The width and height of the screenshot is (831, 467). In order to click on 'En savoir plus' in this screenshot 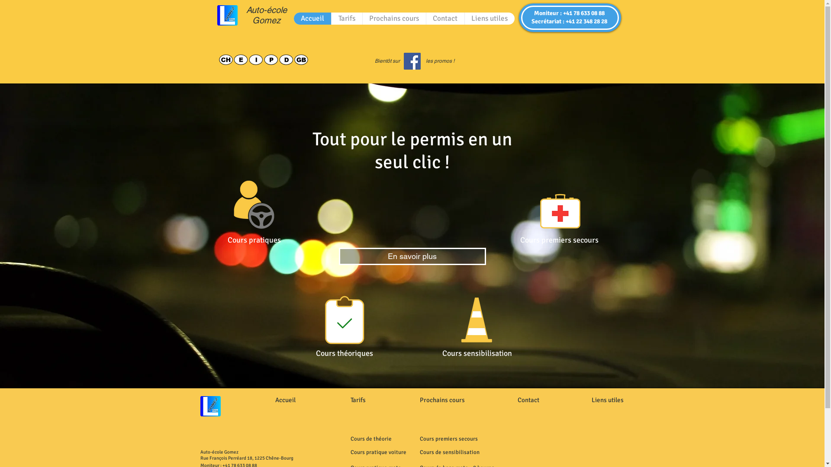, I will do `click(411, 256)`.